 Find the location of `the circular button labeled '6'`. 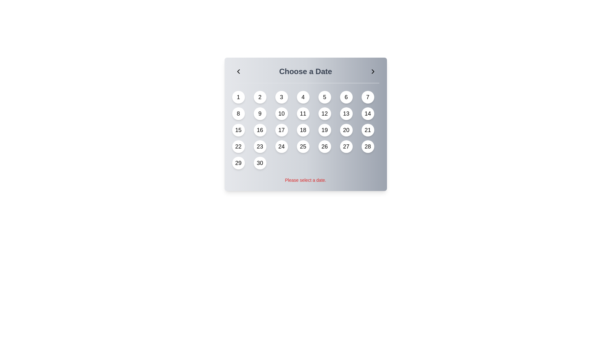

the circular button labeled '6' is located at coordinates (346, 97).